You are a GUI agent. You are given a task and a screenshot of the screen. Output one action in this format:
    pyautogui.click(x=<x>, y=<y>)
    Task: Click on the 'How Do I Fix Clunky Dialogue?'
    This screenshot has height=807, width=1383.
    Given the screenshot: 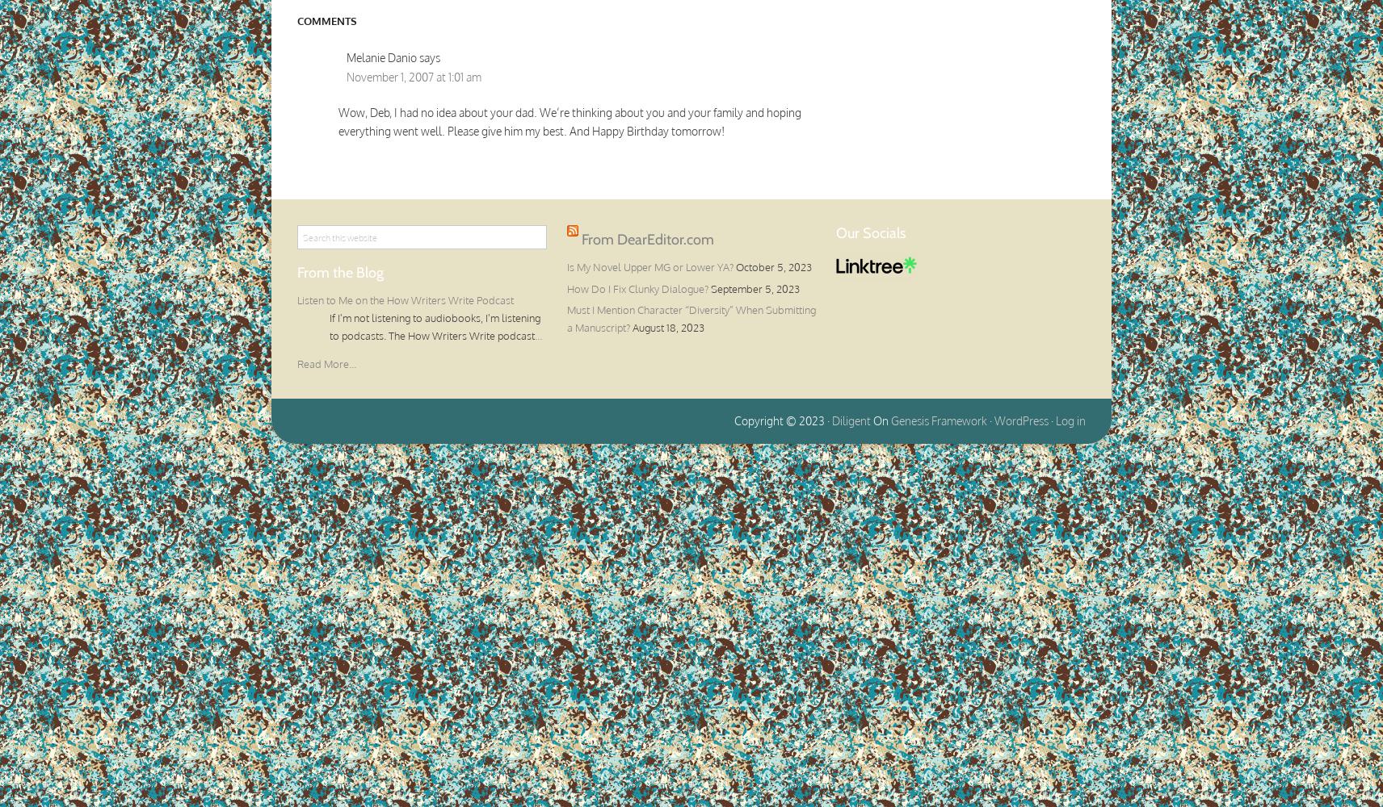 What is the action you would take?
    pyautogui.click(x=637, y=287)
    